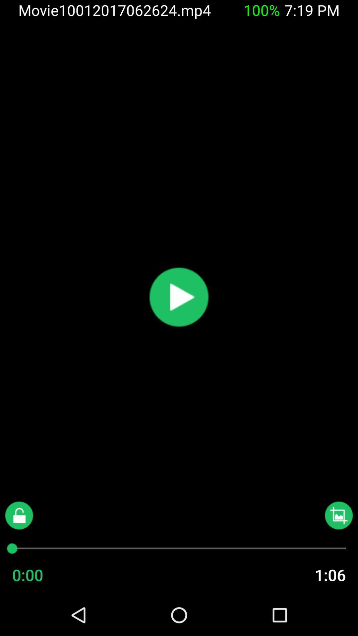  I want to click on video, so click(179, 297).